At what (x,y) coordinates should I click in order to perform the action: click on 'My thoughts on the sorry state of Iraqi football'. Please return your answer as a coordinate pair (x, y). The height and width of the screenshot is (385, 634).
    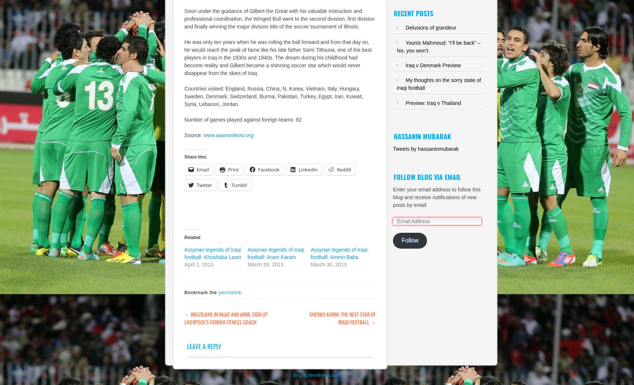
    Looking at the image, I should click on (396, 84).